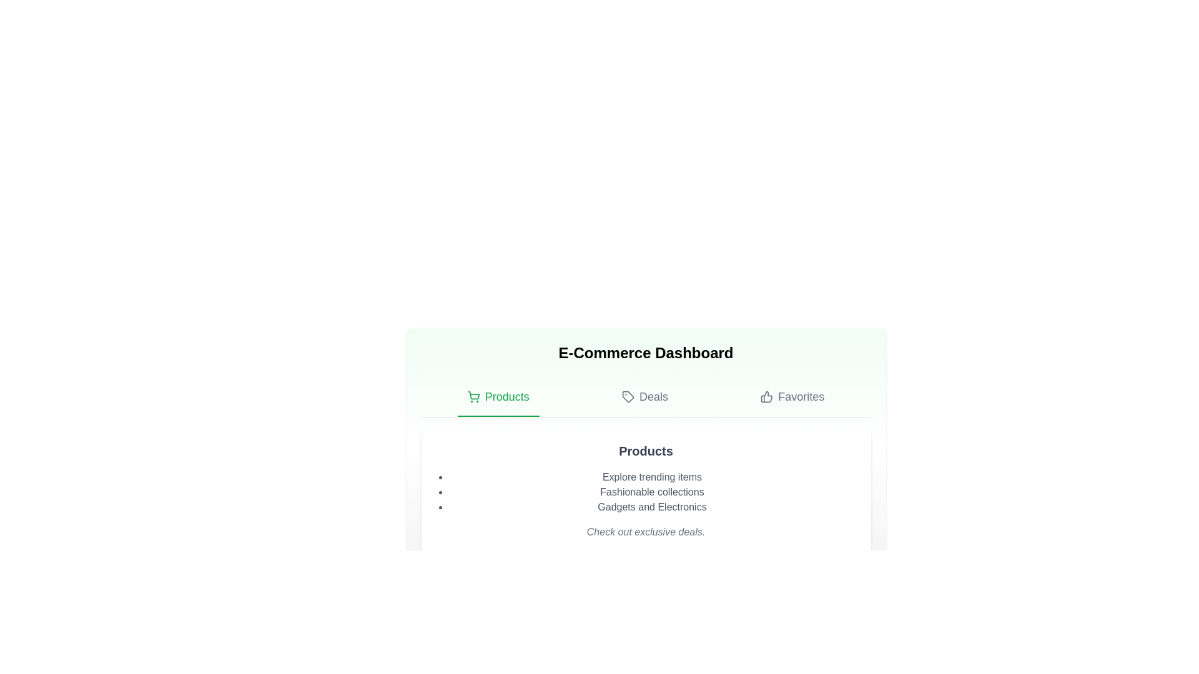 The image size is (1199, 674). What do you see at coordinates (628, 397) in the screenshot?
I see `the 'Deals' icon located in the horizontal navigation bar, which visually represents the 'Deals' section of the application` at bounding box center [628, 397].